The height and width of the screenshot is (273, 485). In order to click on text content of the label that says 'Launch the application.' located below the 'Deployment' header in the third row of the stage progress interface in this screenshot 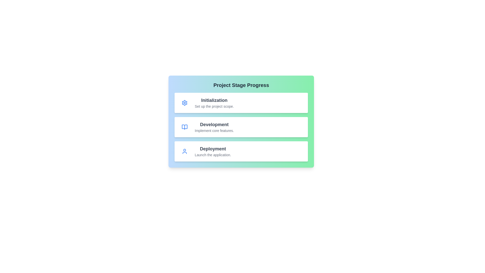, I will do `click(213, 155)`.